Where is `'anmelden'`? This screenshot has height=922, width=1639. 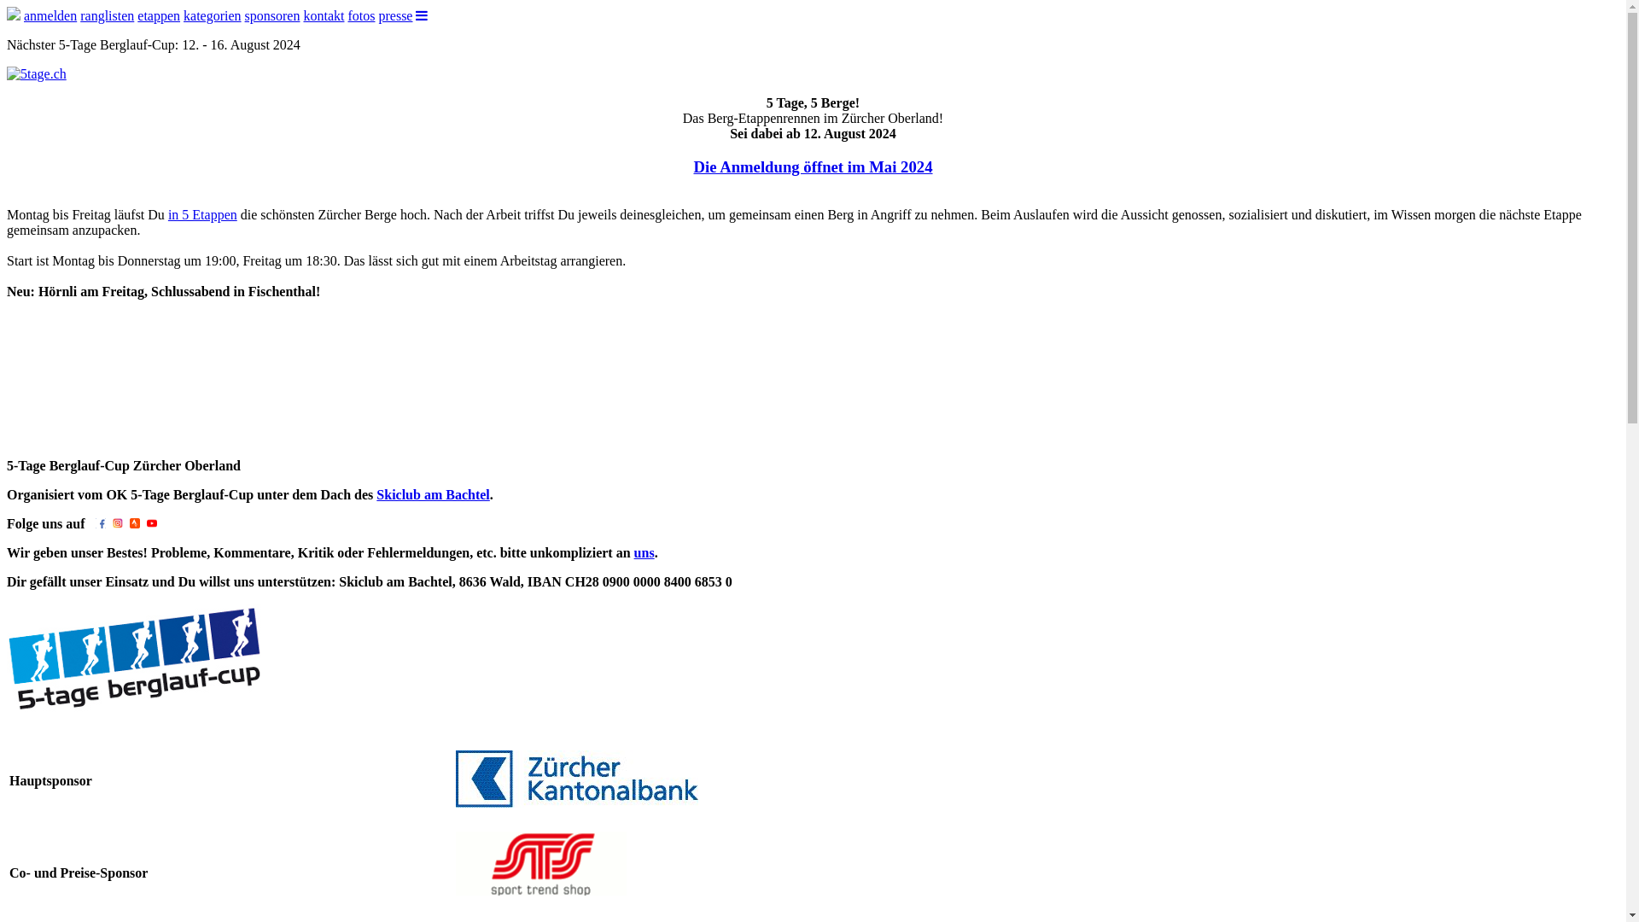
'anmelden' is located at coordinates (24, 15).